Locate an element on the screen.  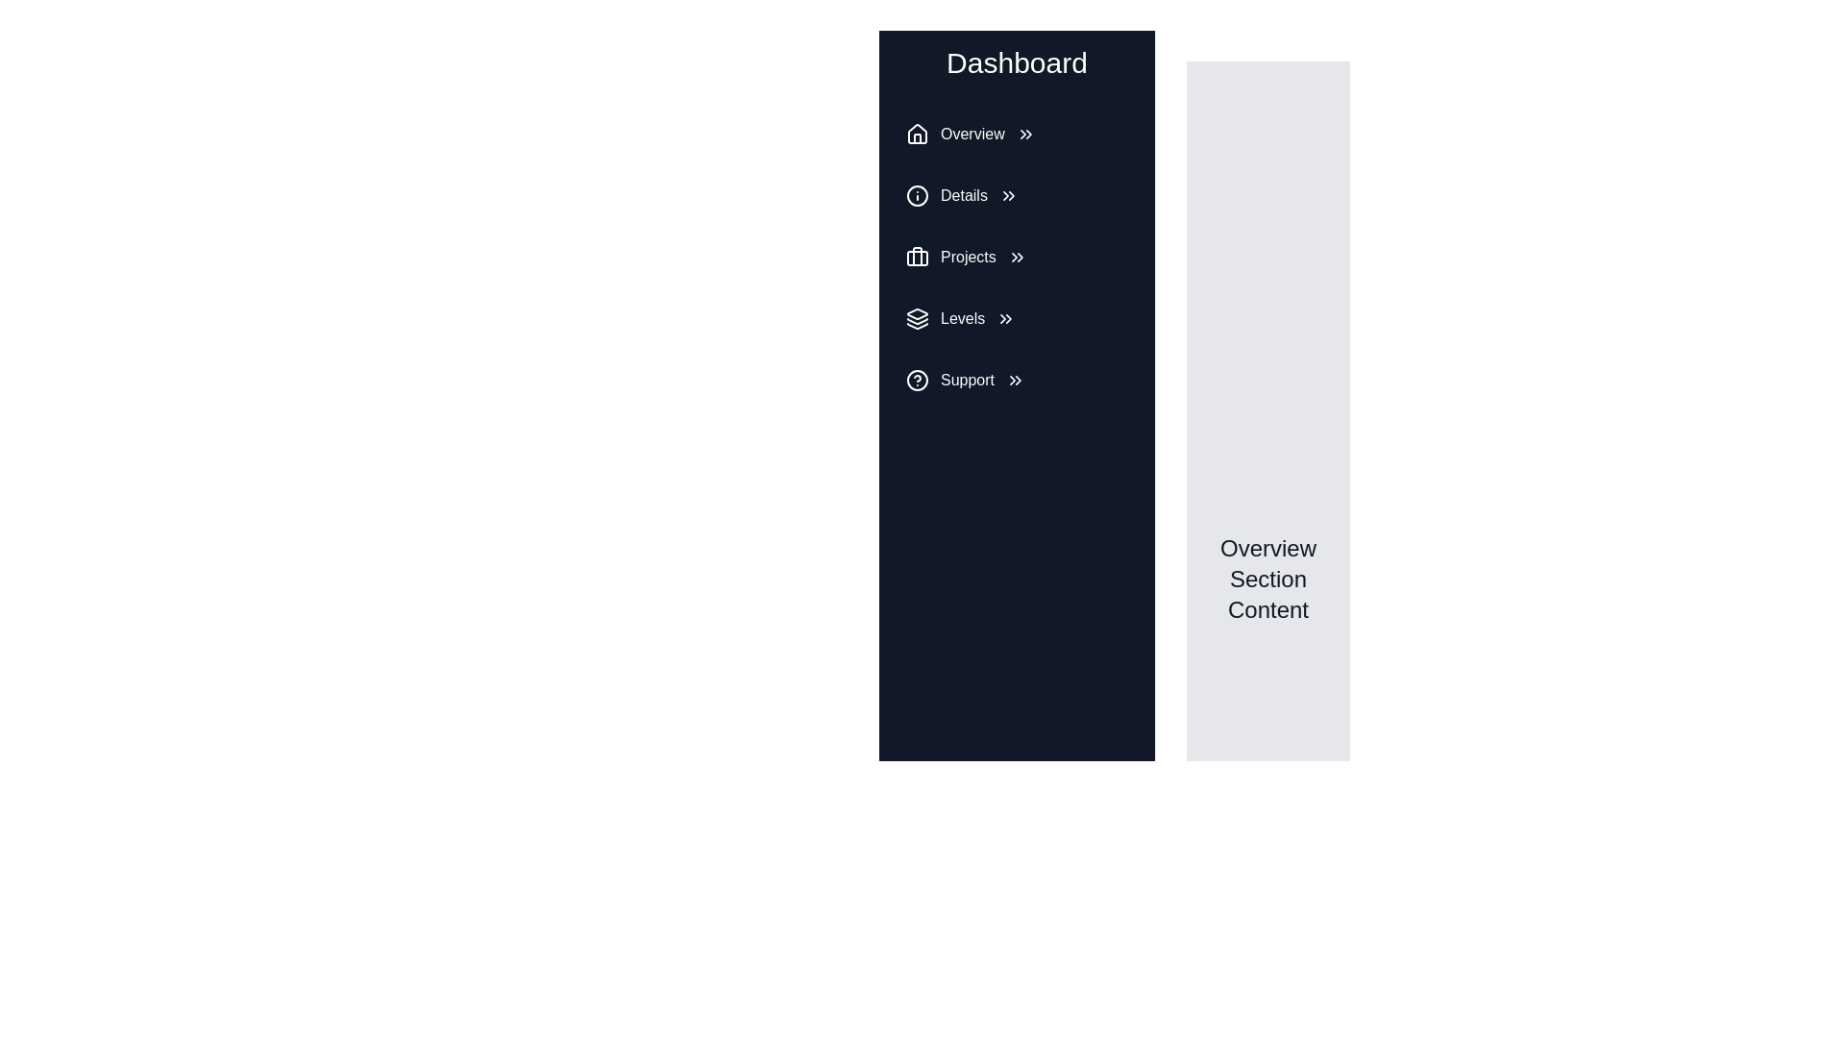
the SVG Icon featuring right-facing chevrons, which is located to the right of the 'Support' text in the sidebar menu is located at coordinates (1014, 381).